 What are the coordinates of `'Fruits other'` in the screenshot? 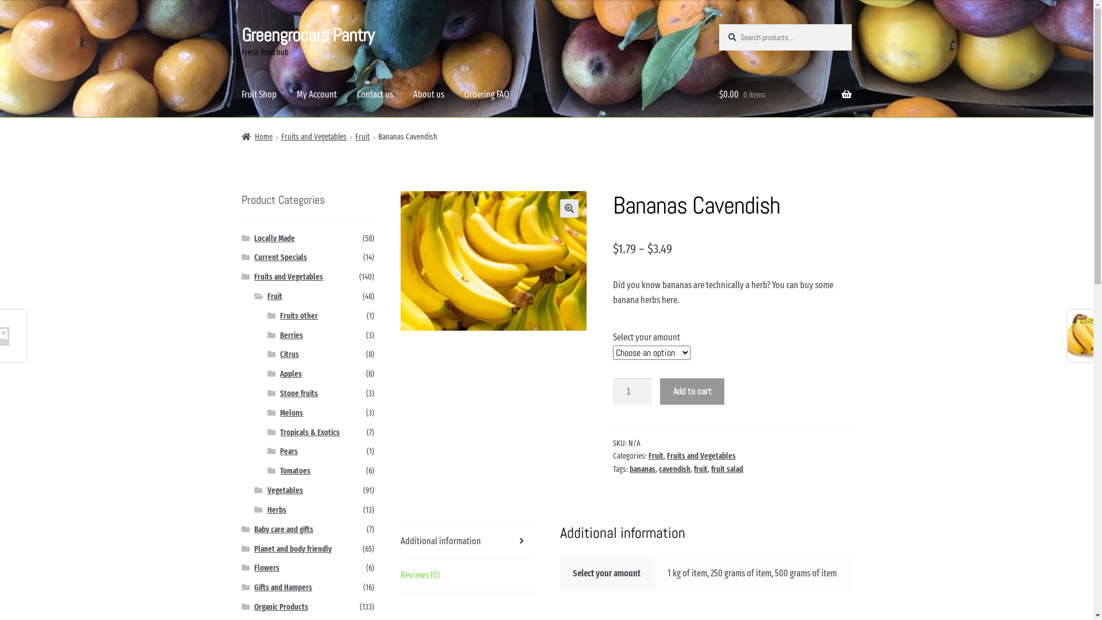 It's located at (299, 316).